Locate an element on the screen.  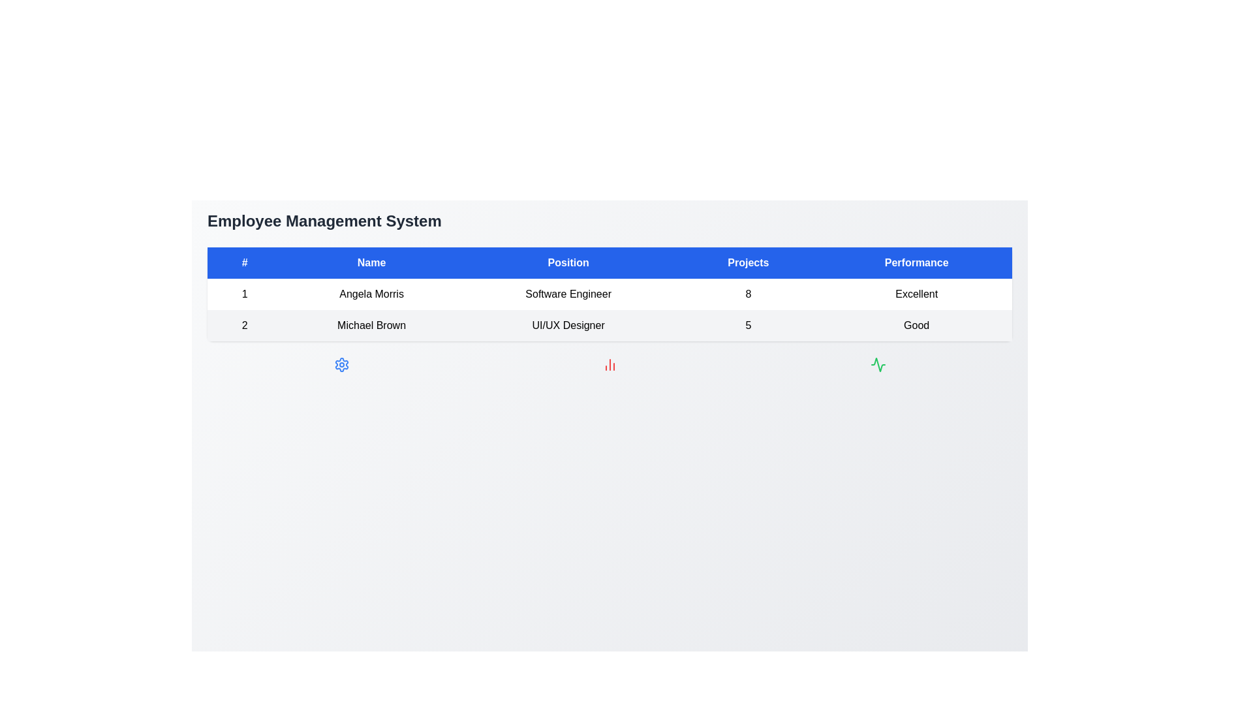
the SVG settings icon located below the employee information table is located at coordinates (341, 365).